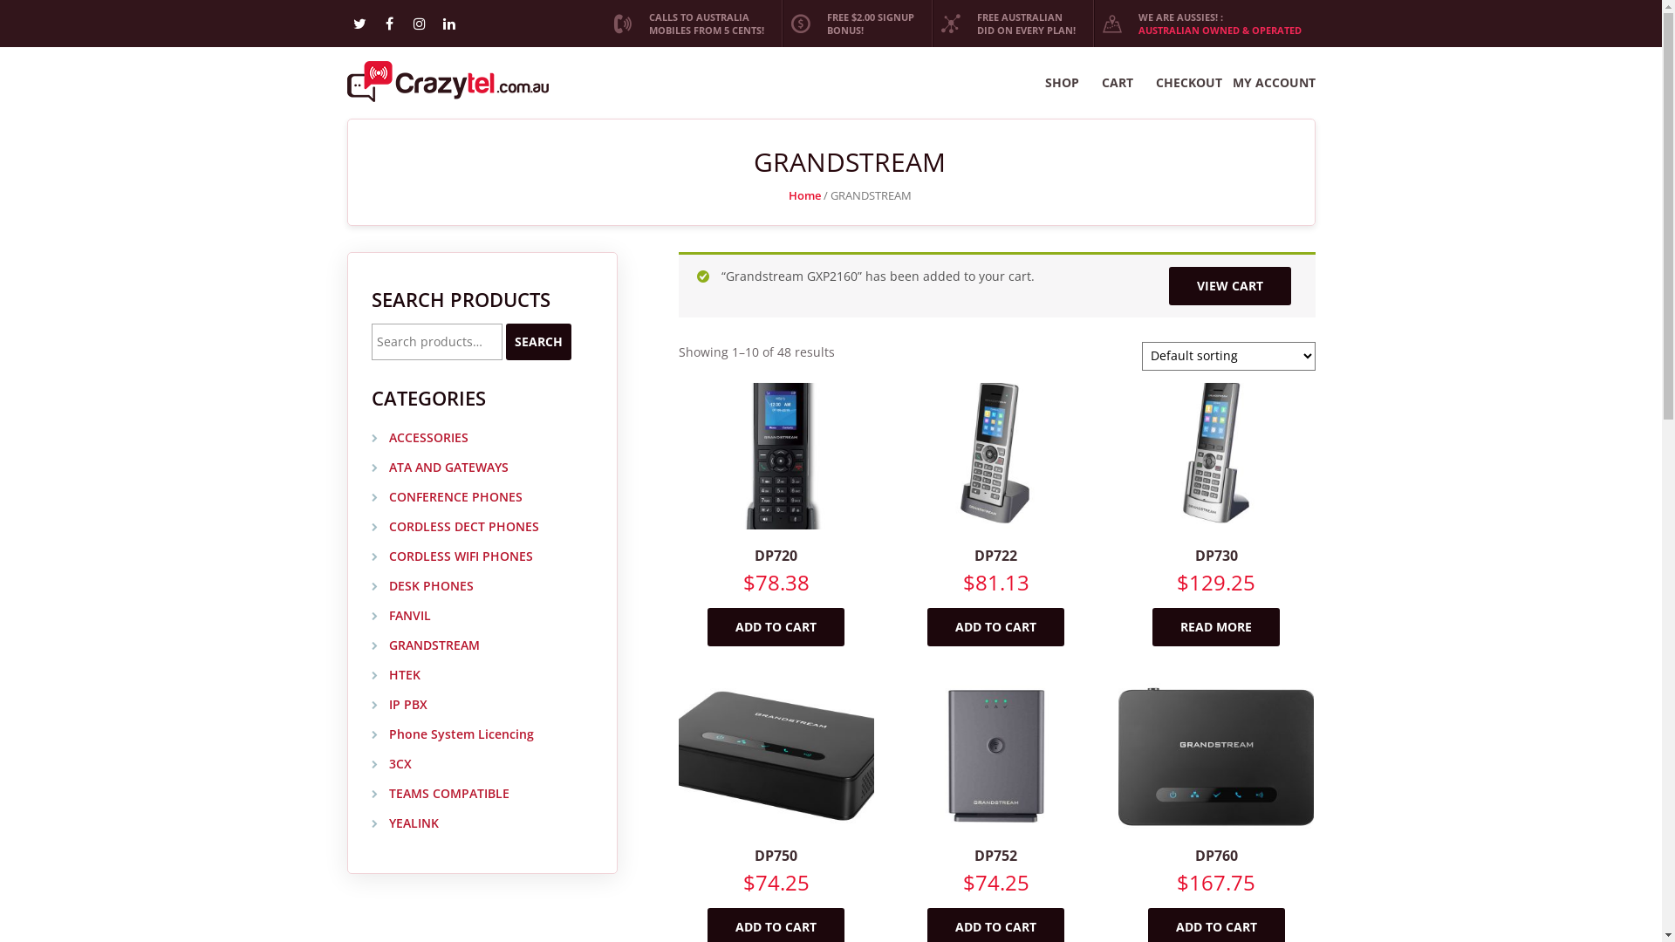 The image size is (1675, 942). Describe the element at coordinates (1061, 83) in the screenshot. I see `'SHOP'` at that location.